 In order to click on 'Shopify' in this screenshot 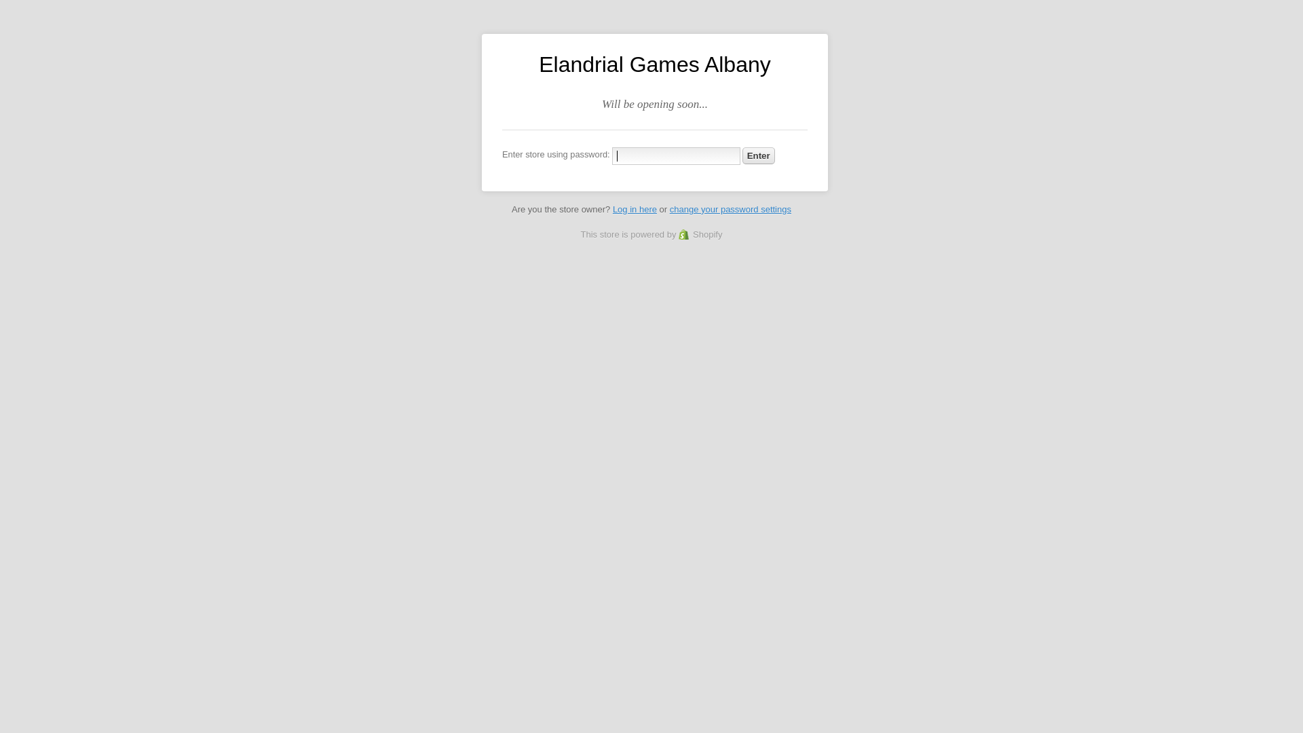, I will do `click(700, 233)`.